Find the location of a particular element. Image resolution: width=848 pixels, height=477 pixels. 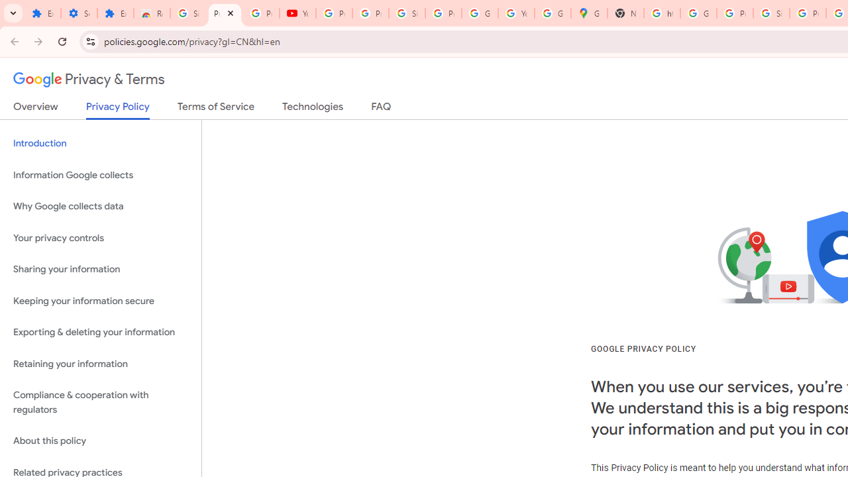

'YouTube' is located at coordinates (297, 13).